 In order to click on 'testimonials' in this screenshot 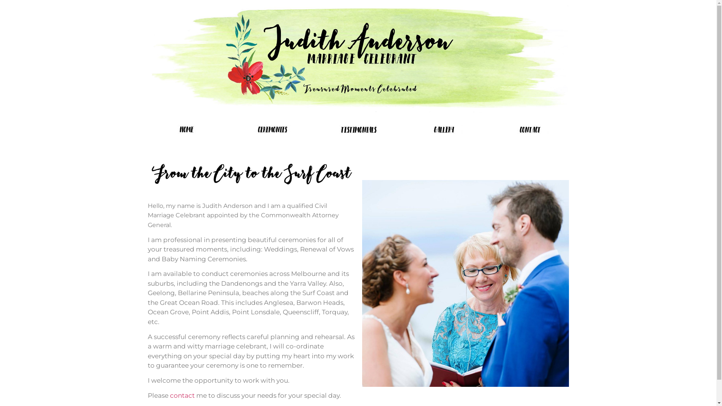, I will do `click(357, 129)`.